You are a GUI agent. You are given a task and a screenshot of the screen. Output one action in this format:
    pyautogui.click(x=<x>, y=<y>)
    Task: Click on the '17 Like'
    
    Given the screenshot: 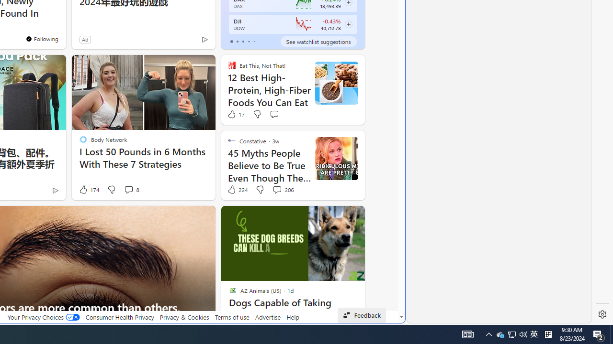 What is the action you would take?
    pyautogui.click(x=235, y=113)
    